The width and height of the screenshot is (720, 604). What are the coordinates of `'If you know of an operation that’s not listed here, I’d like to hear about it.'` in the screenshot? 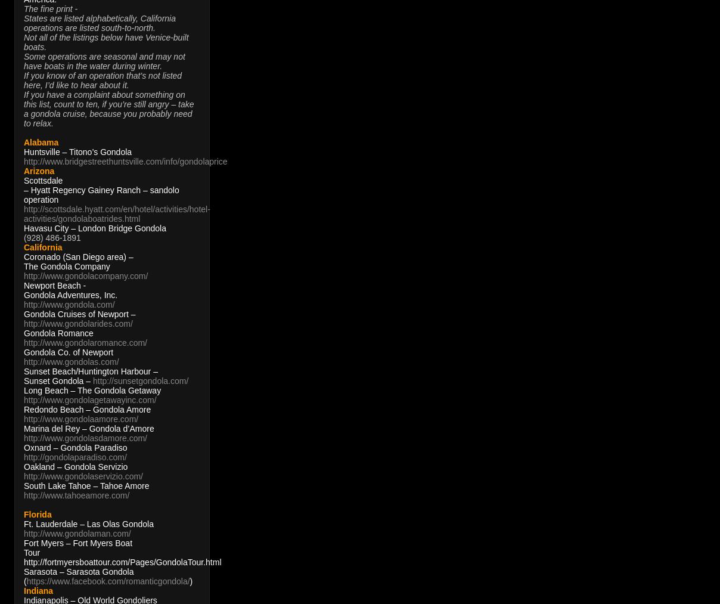 It's located at (103, 80).